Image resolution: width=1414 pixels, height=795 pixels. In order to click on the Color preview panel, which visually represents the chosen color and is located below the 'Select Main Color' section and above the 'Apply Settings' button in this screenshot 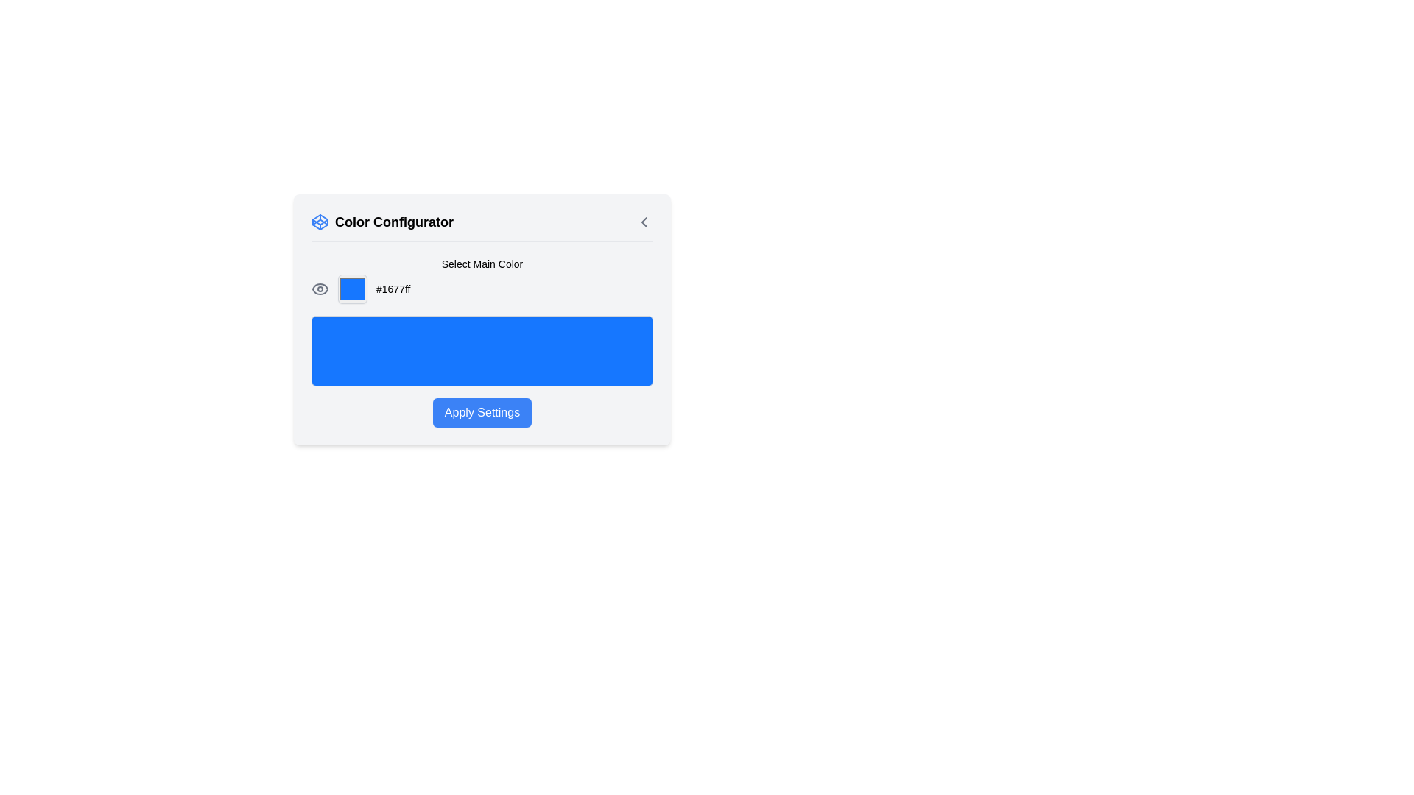, I will do `click(482, 351)`.